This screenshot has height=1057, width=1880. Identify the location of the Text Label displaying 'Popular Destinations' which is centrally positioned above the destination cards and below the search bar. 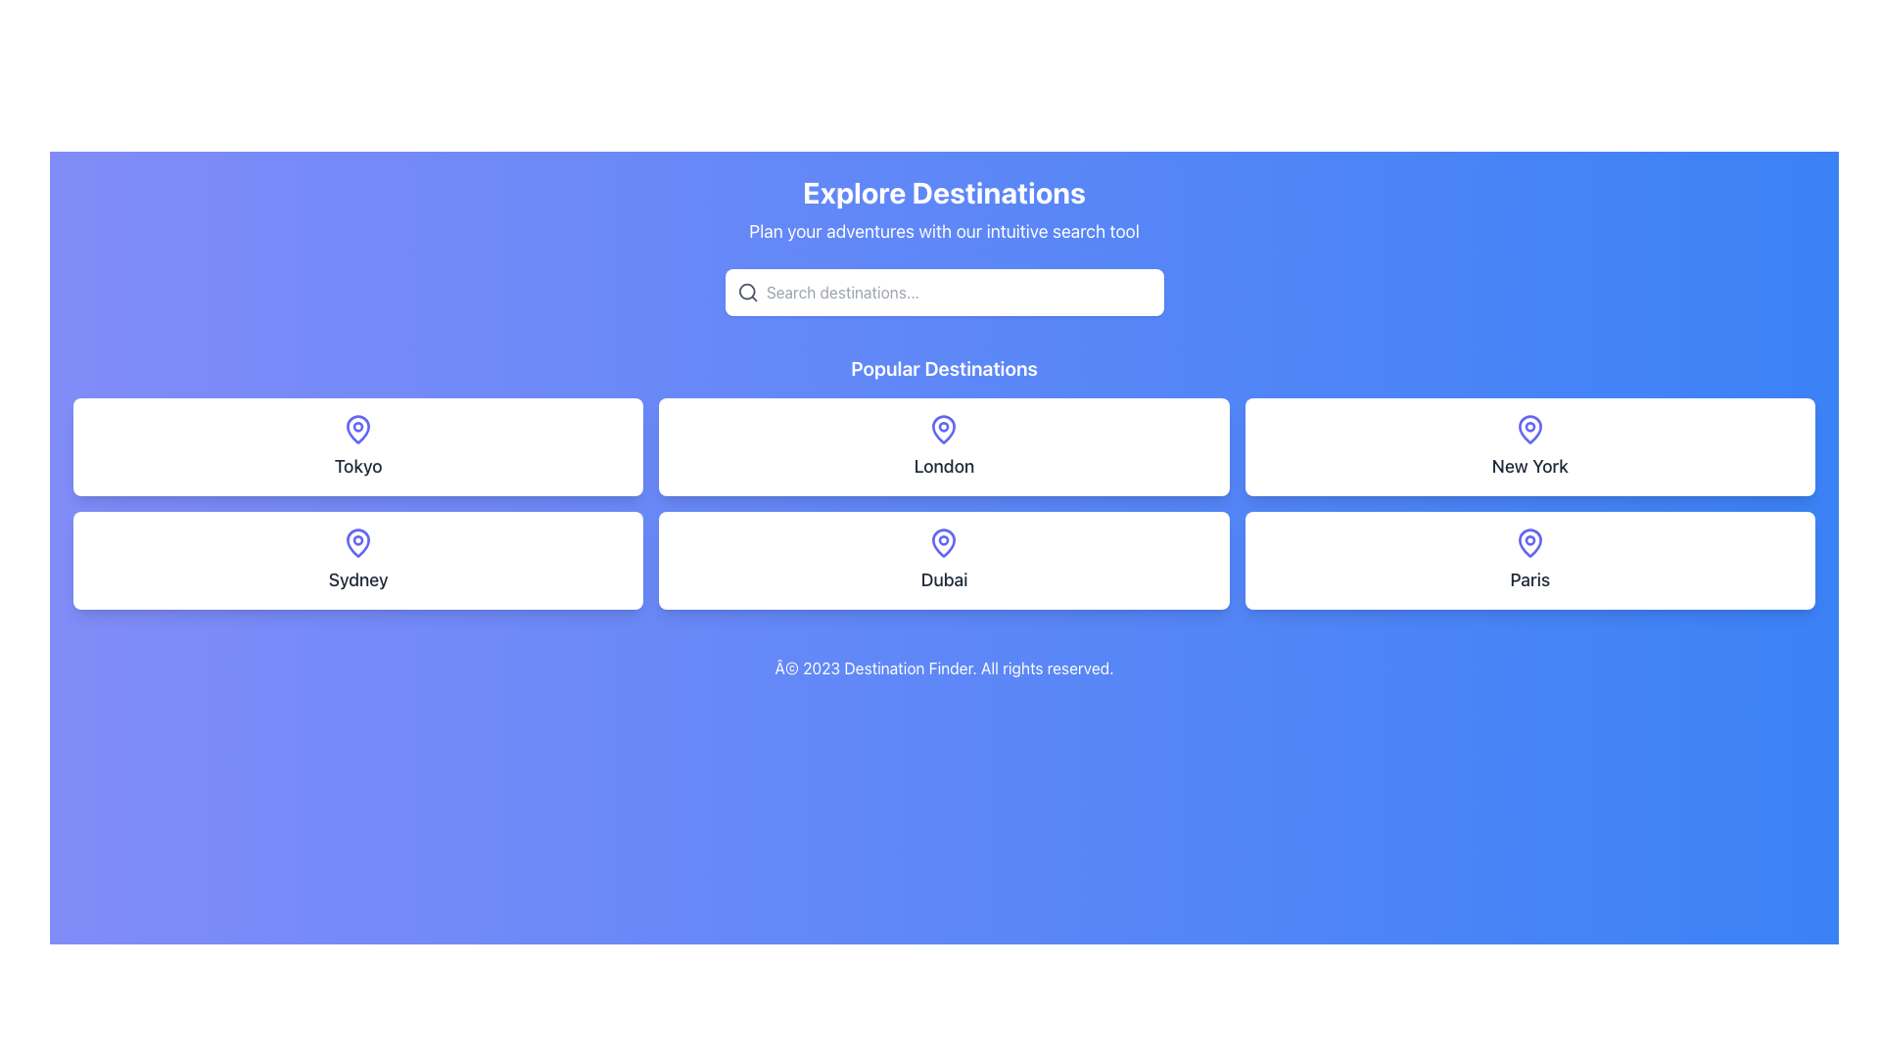
(944, 369).